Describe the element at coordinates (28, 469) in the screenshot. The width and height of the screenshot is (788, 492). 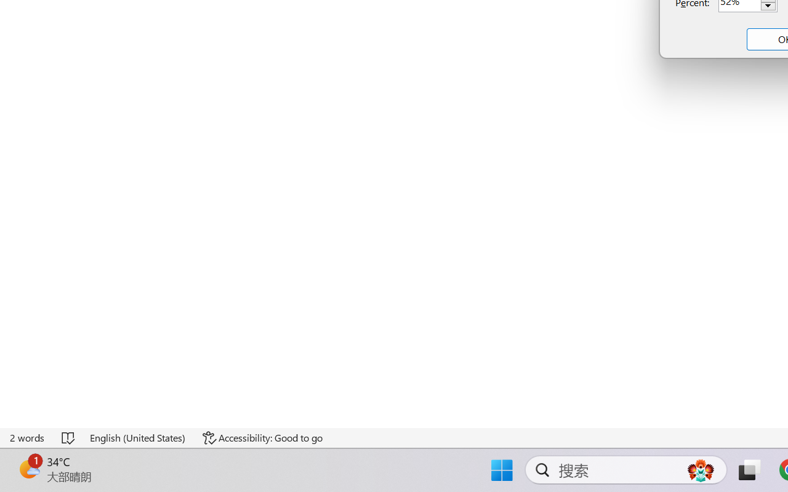
I see `'AutomationID: BadgeAnchorLargeTicker'` at that location.